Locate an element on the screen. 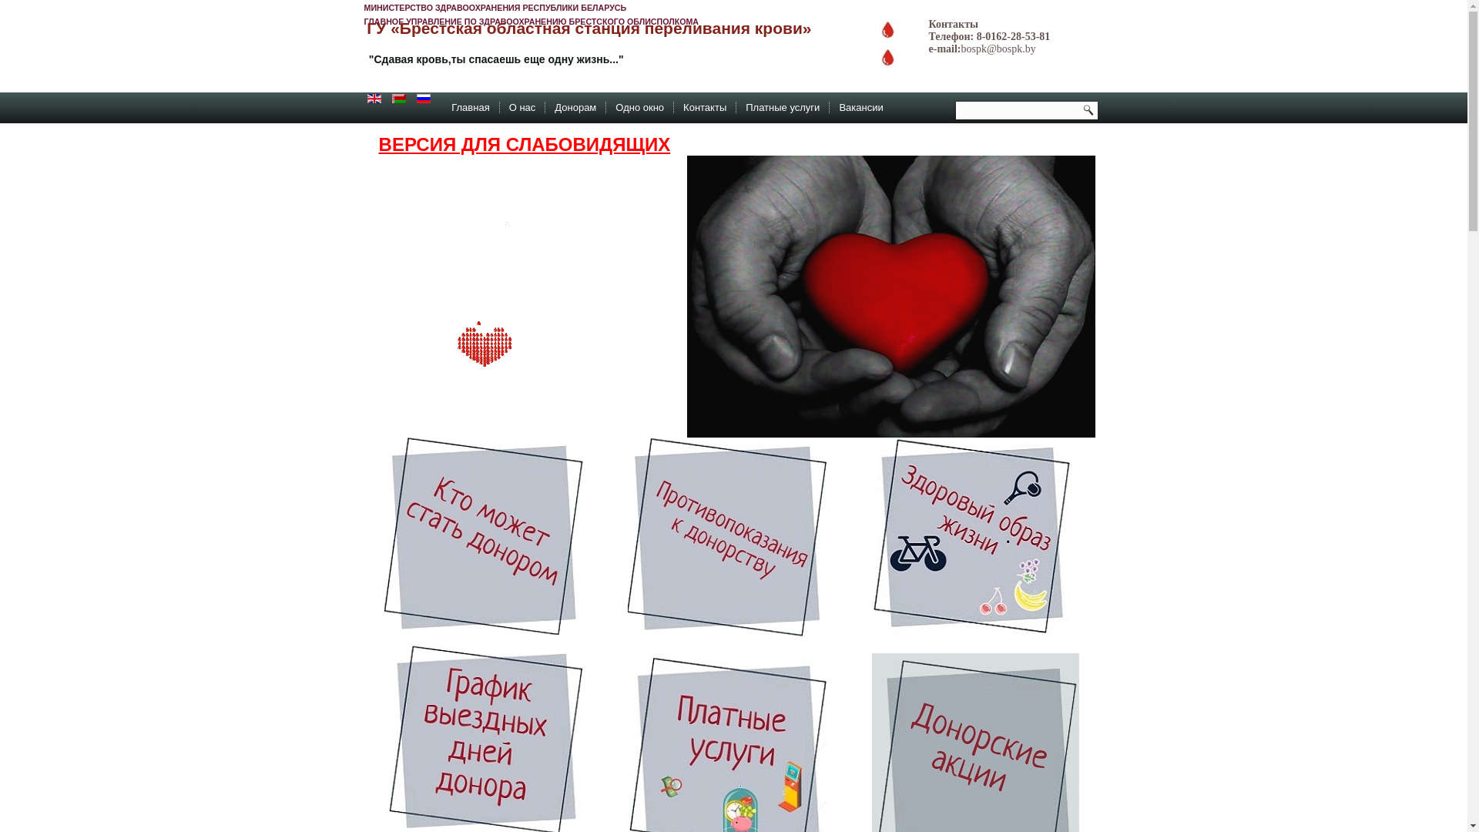  'Belarusian (be-BY)' is located at coordinates (391, 98).